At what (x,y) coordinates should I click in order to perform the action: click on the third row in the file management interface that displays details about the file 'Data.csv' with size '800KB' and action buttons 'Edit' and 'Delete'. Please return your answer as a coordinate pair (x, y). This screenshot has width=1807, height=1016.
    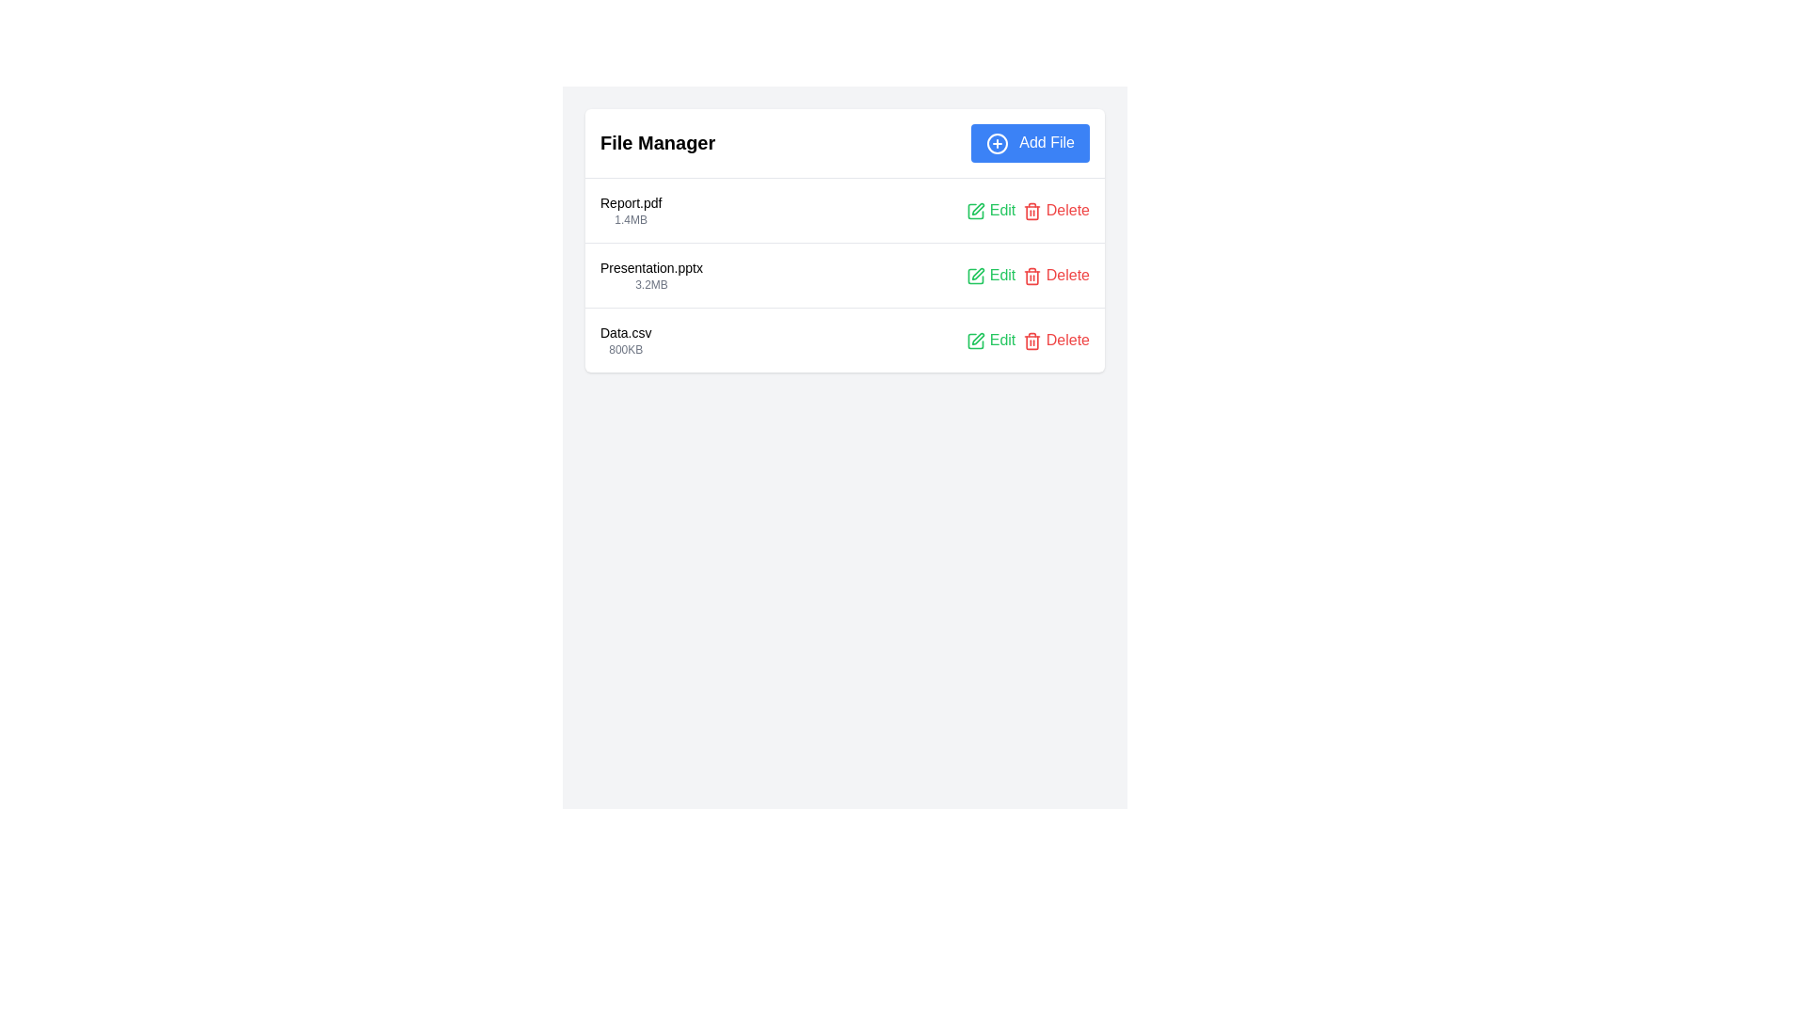
    Looking at the image, I should click on (843, 340).